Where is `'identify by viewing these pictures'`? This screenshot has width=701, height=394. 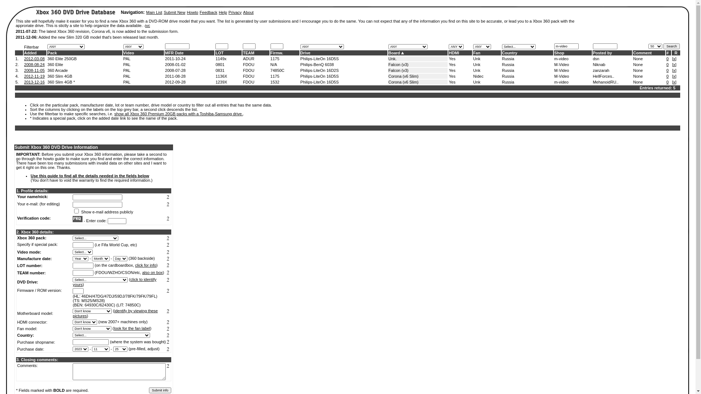
'identify by viewing these pictures' is located at coordinates (115, 313).